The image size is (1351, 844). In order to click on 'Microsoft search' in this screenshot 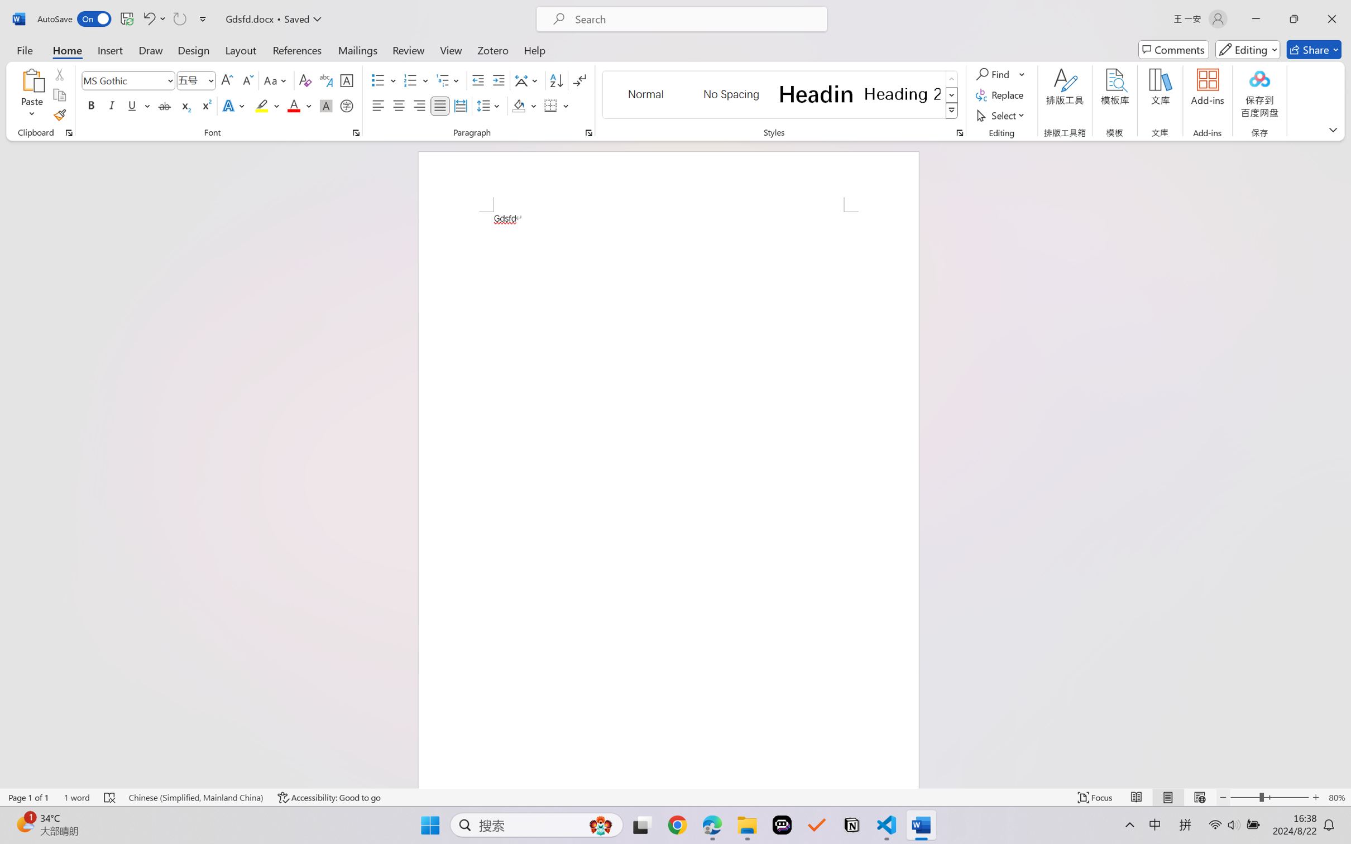, I will do `click(696, 18)`.